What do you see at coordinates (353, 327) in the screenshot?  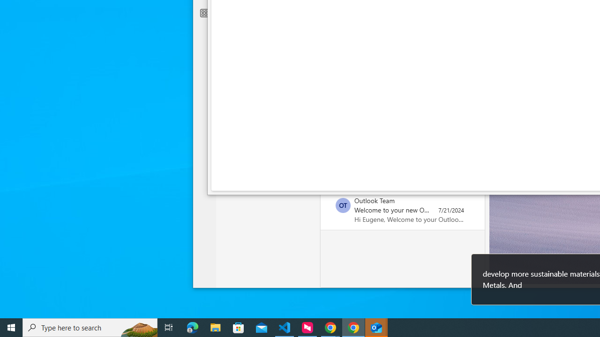 I see `'Google Chrome - 1 running window'` at bounding box center [353, 327].